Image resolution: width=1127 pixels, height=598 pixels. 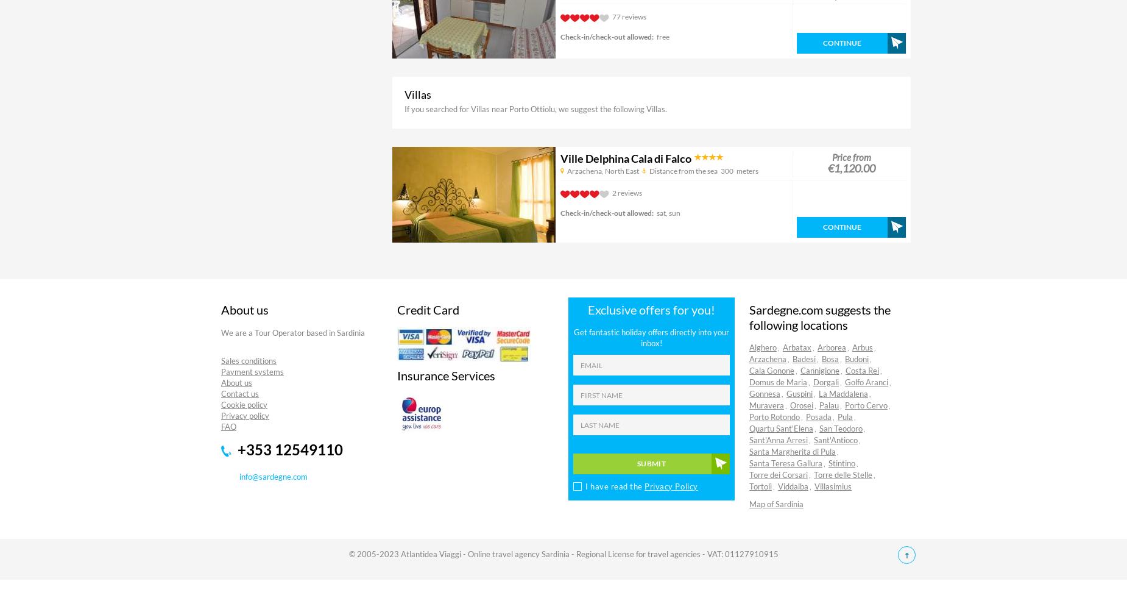 What do you see at coordinates (775, 504) in the screenshot?
I see `'Map of Sardinia'` at bounding box center [775, 504].